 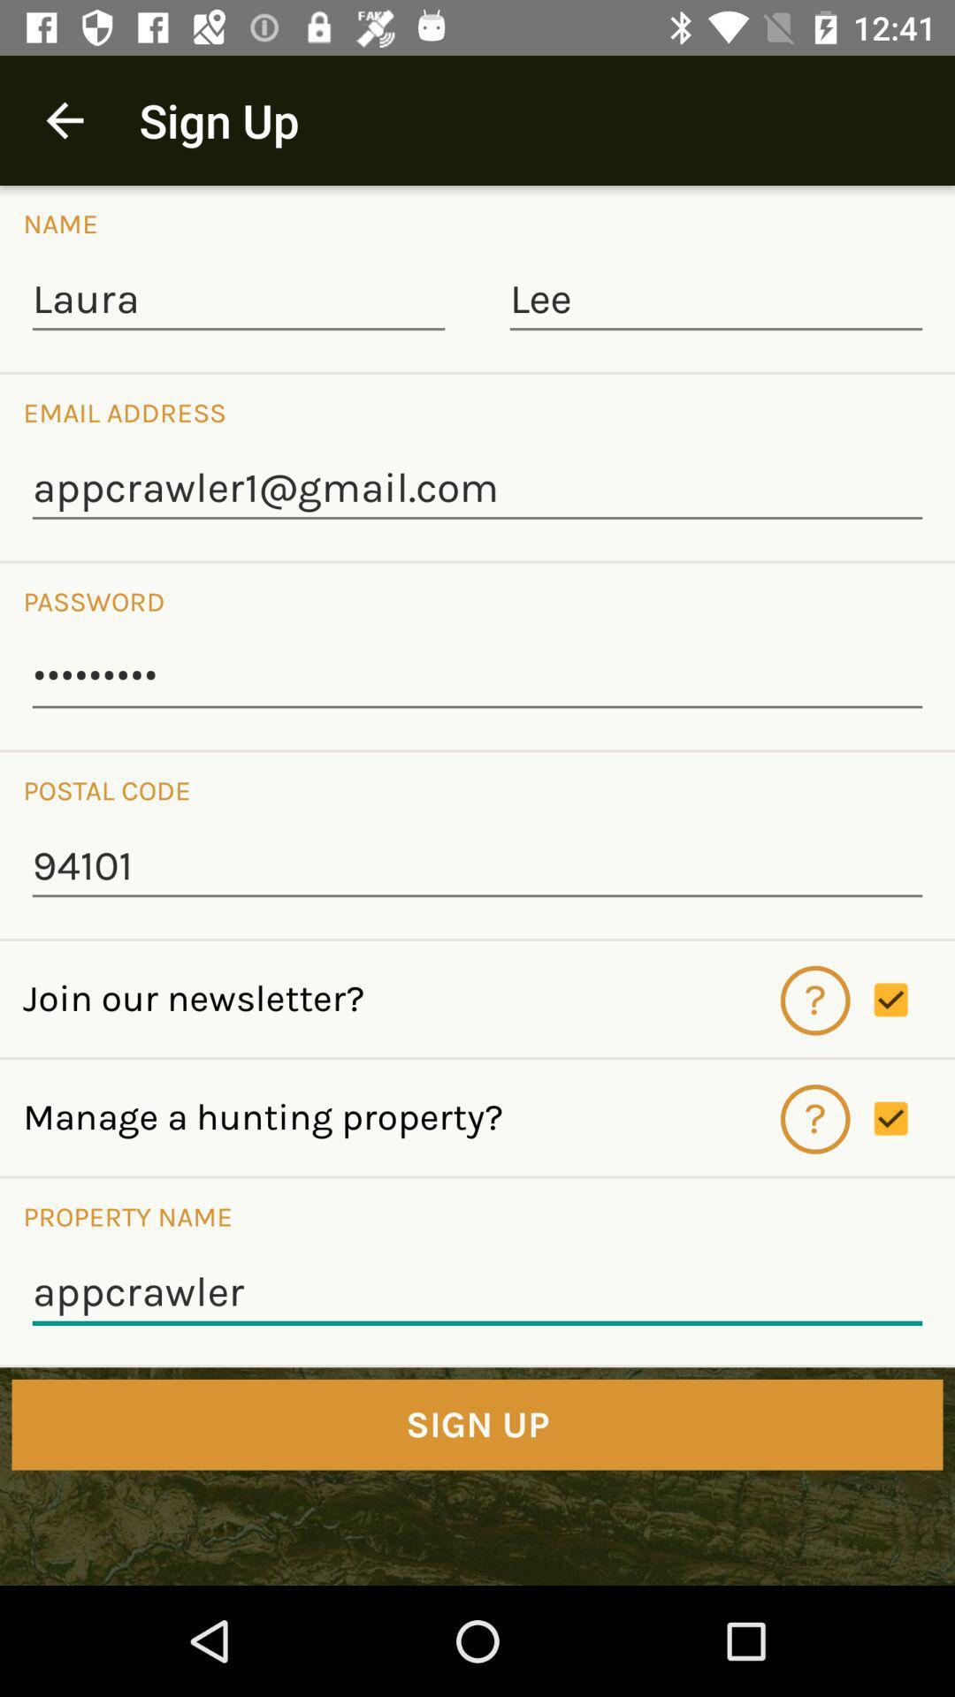 What do you see at coordinates (913, 1000) in the screenshot?
I see `option filled` at bounding box center [913, 1000].